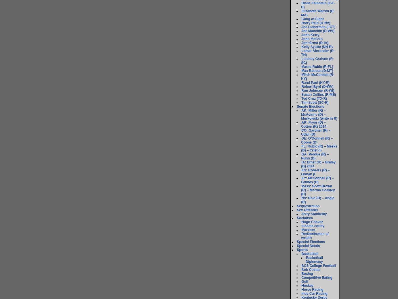 This screenshot has height=299, width=398. Describe the element at coordinates (315, 156) in the screenshot. I see `'GA: Perdue (R) – Nunn (D)'` at that location.